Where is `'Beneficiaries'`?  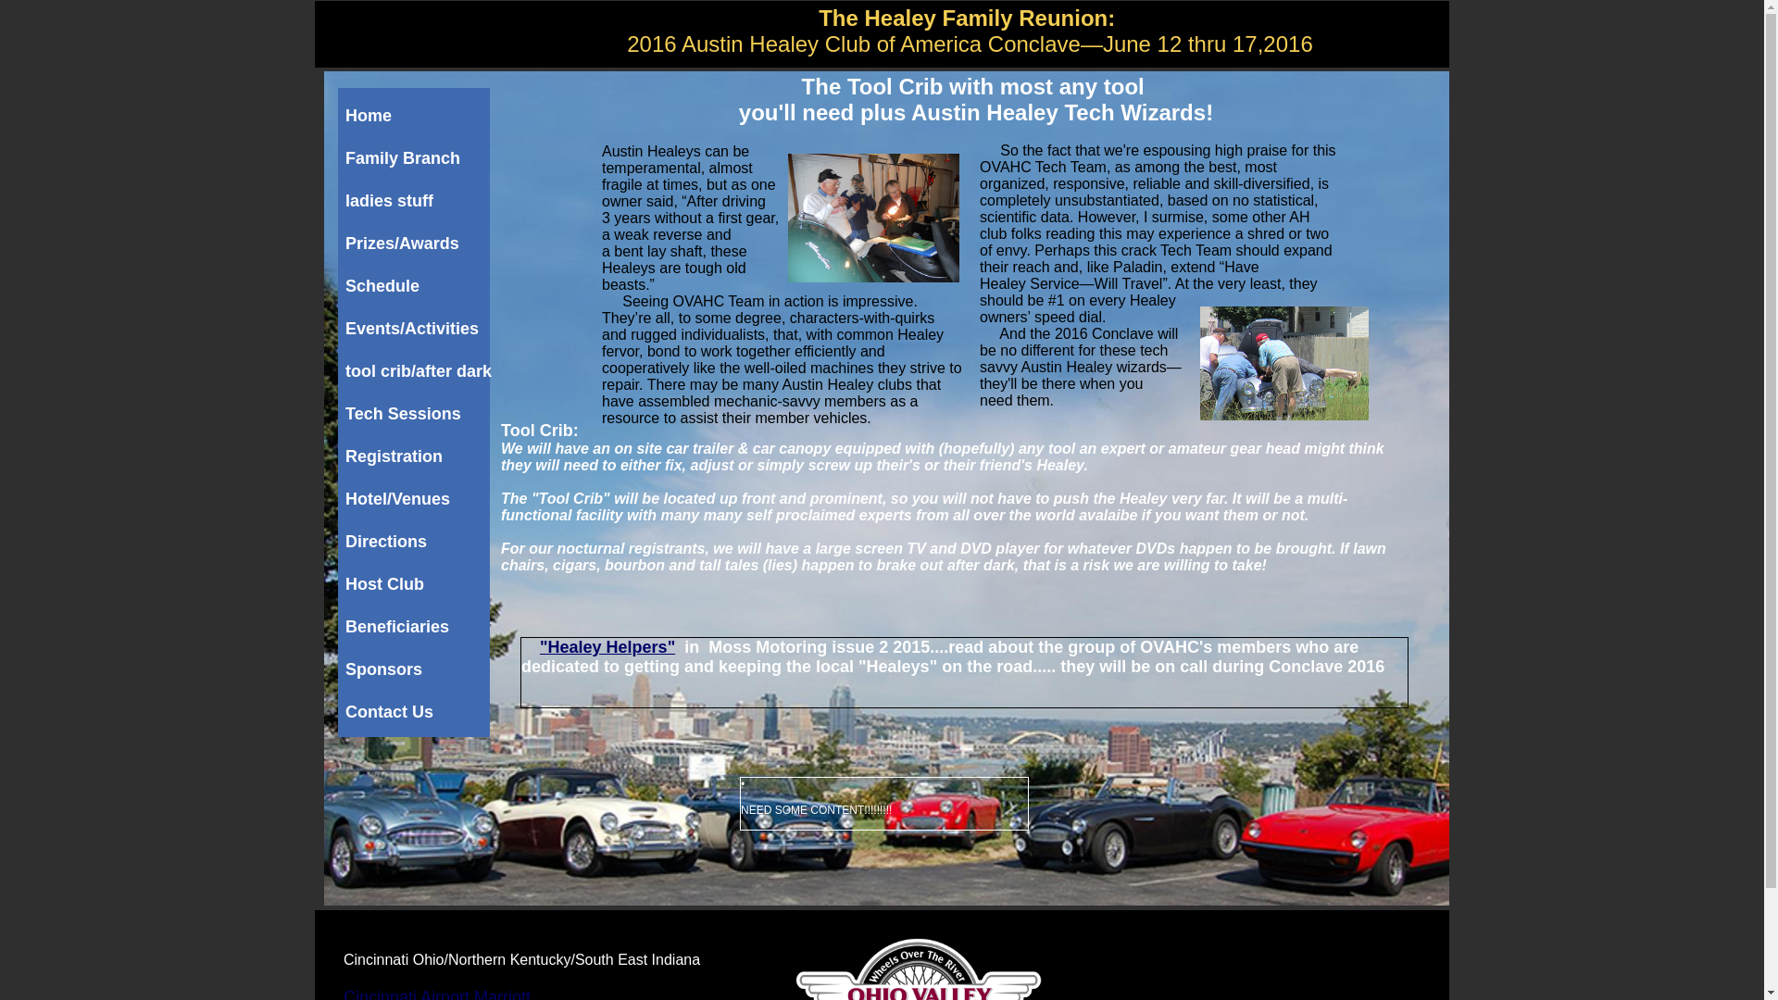
'Beneficiaries' is located at coordinates (417, 627).